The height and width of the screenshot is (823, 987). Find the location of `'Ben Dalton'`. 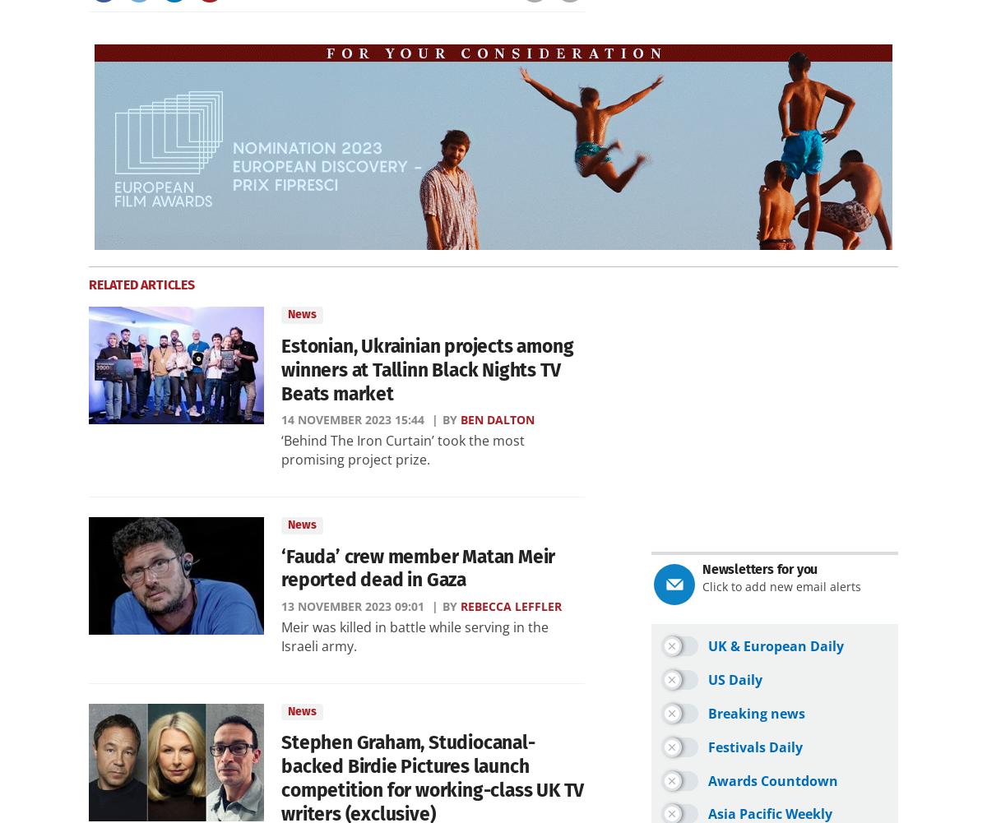

'Ben Dalton' is located at coordinates (498, 418).